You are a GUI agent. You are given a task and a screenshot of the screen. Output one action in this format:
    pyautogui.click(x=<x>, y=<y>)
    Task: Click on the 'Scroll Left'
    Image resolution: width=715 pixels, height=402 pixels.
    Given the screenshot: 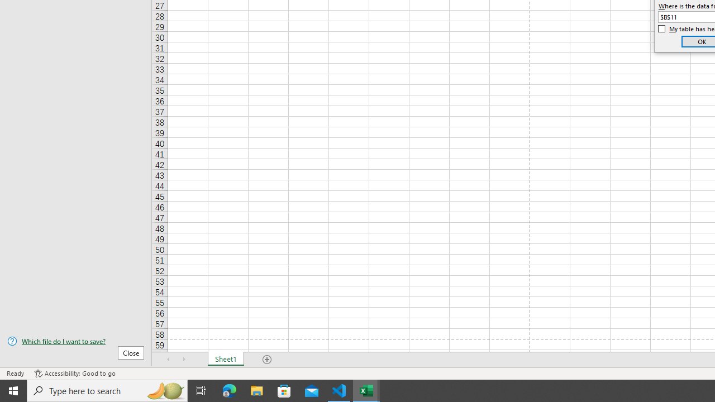 What is the action you would take?
    pyautogui.click(x=168, y=360)
    